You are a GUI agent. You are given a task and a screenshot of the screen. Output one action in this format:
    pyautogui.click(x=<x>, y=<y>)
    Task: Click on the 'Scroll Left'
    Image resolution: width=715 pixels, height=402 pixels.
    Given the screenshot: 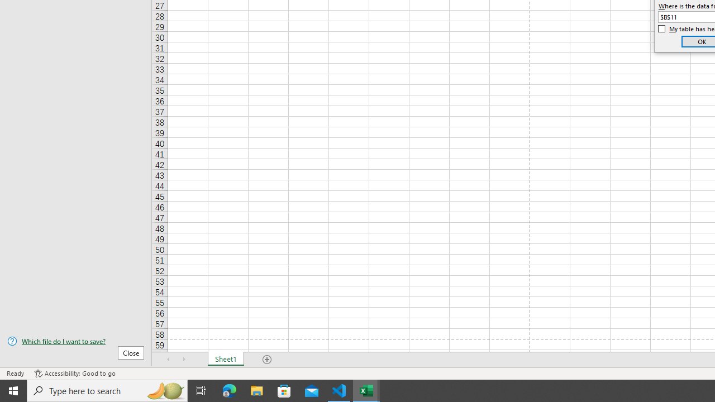 What is the action you would take?
    pyautogui.click(x=168, y=360)
    